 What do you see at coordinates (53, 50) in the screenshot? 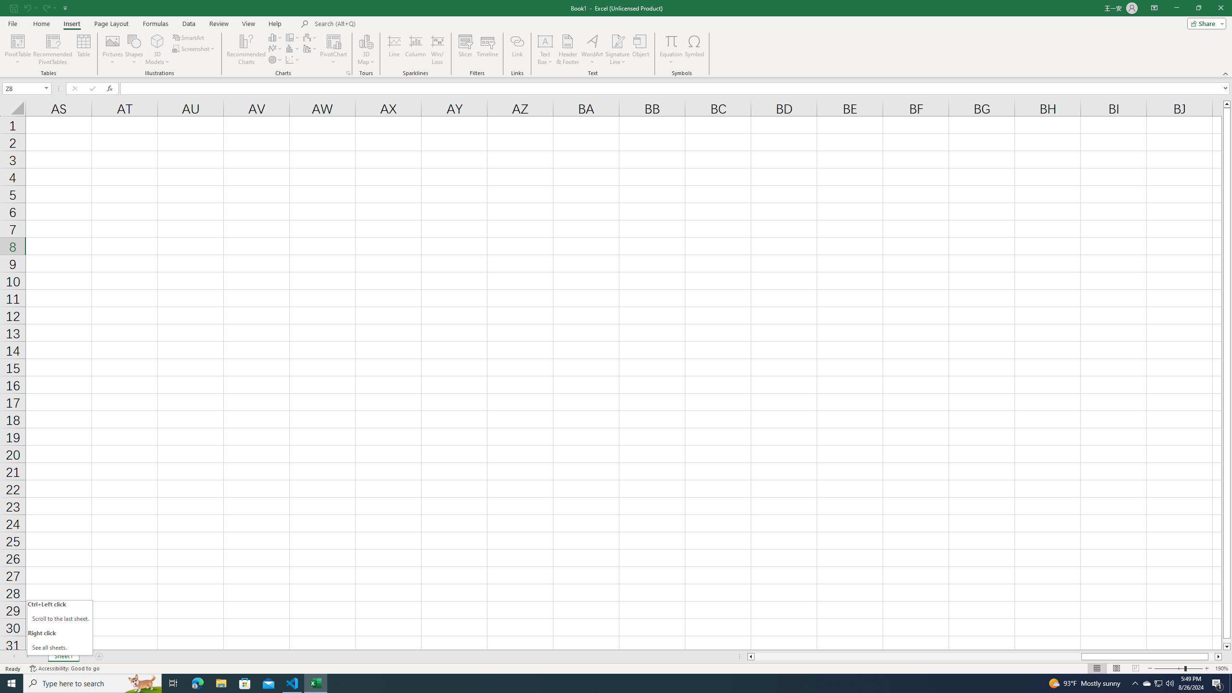
I see `'Recommended PivotTables'` at bounding box center [53, 50].